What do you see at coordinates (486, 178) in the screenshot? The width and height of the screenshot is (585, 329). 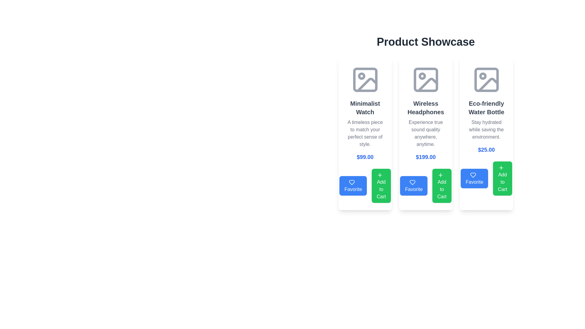 I see `the 'Favorite' button with a blue background, rounded corners, and white text featuring a heart icon, located at the bottom center of the product card for the 'Eco-friendly Water Bottle'` at bounding box center [486, 178].